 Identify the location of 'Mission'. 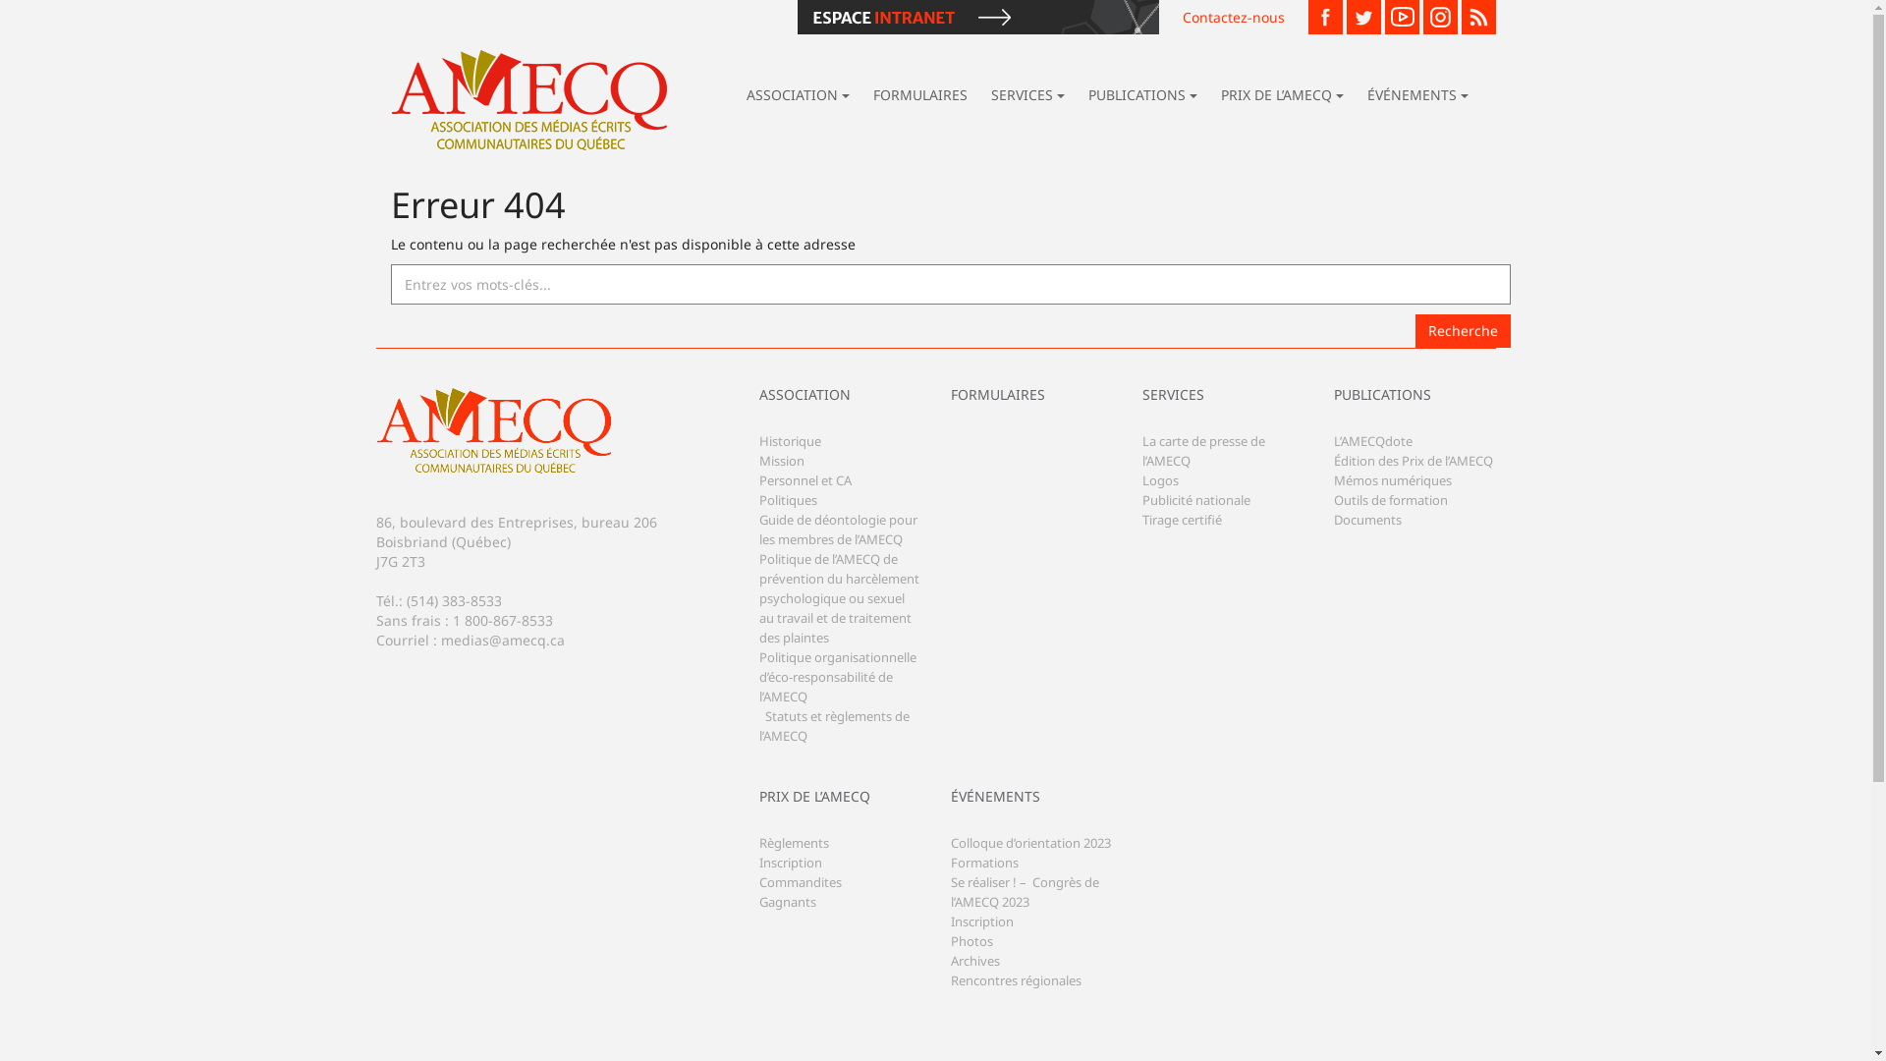
(780, 475).